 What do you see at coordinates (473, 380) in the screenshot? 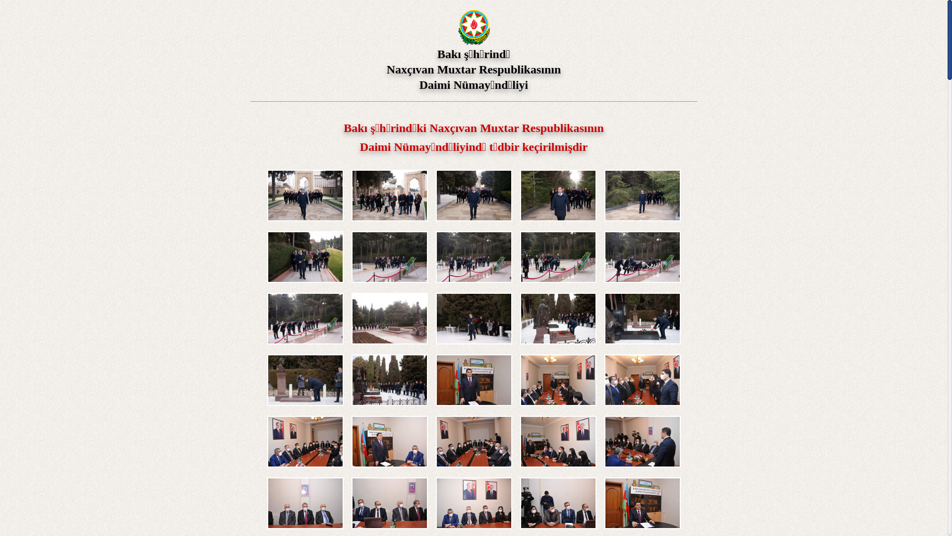
I see `'Click to enlarge'` at bounding box center [473, 380].